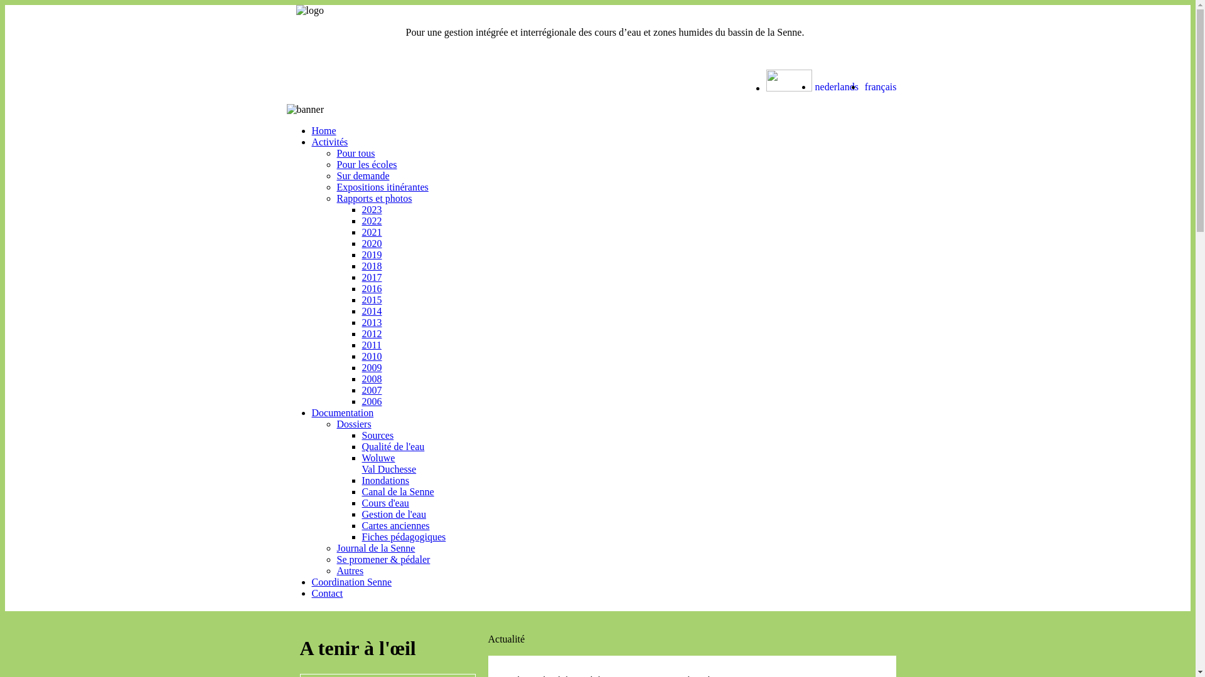 This screenshot has width=1205, height=677. I want to click on 'Inondations', so click(361, 480).